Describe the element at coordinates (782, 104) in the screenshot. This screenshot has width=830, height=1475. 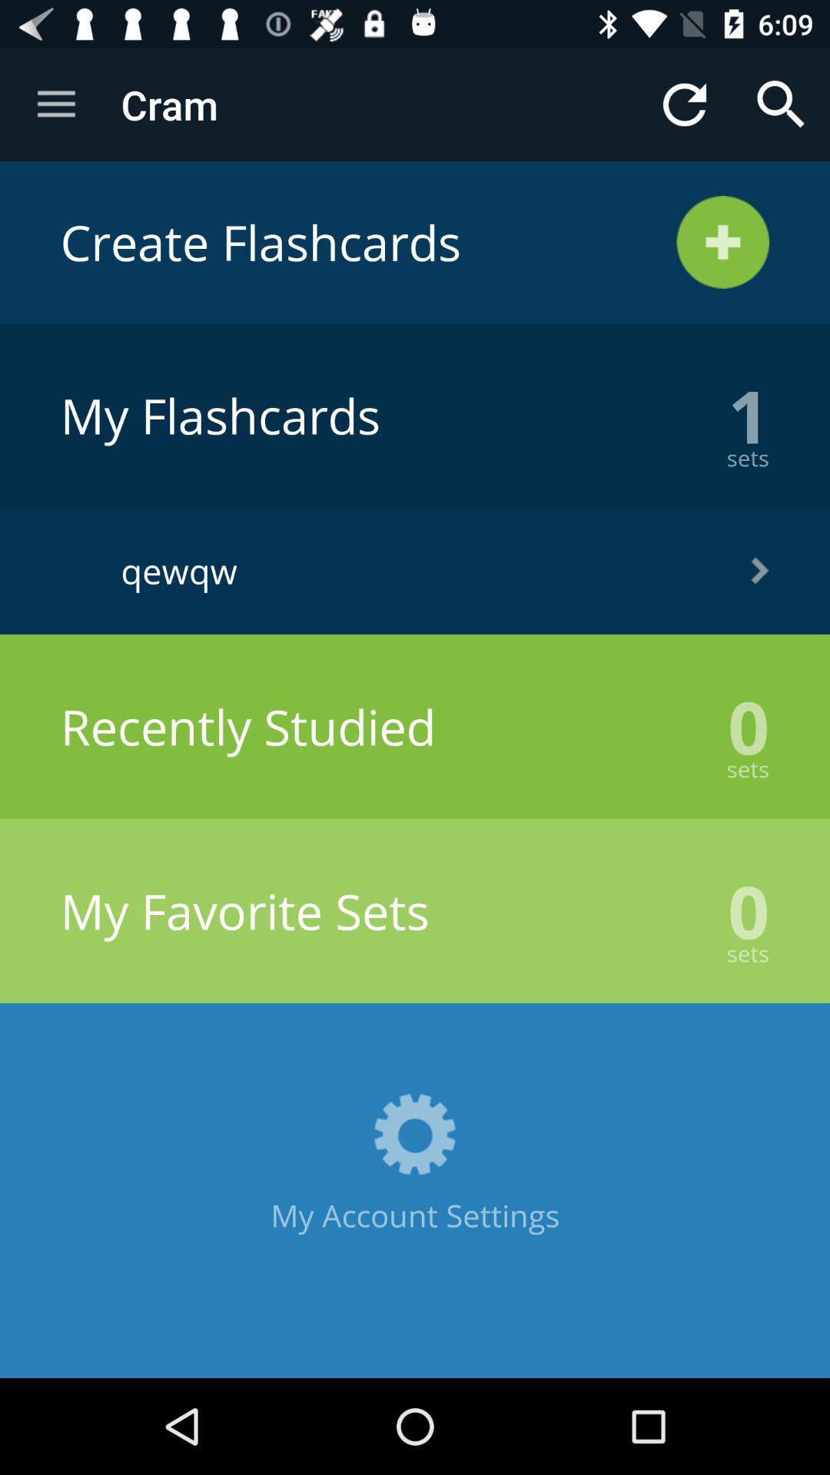
I see `item above the create flashcards` at that location.